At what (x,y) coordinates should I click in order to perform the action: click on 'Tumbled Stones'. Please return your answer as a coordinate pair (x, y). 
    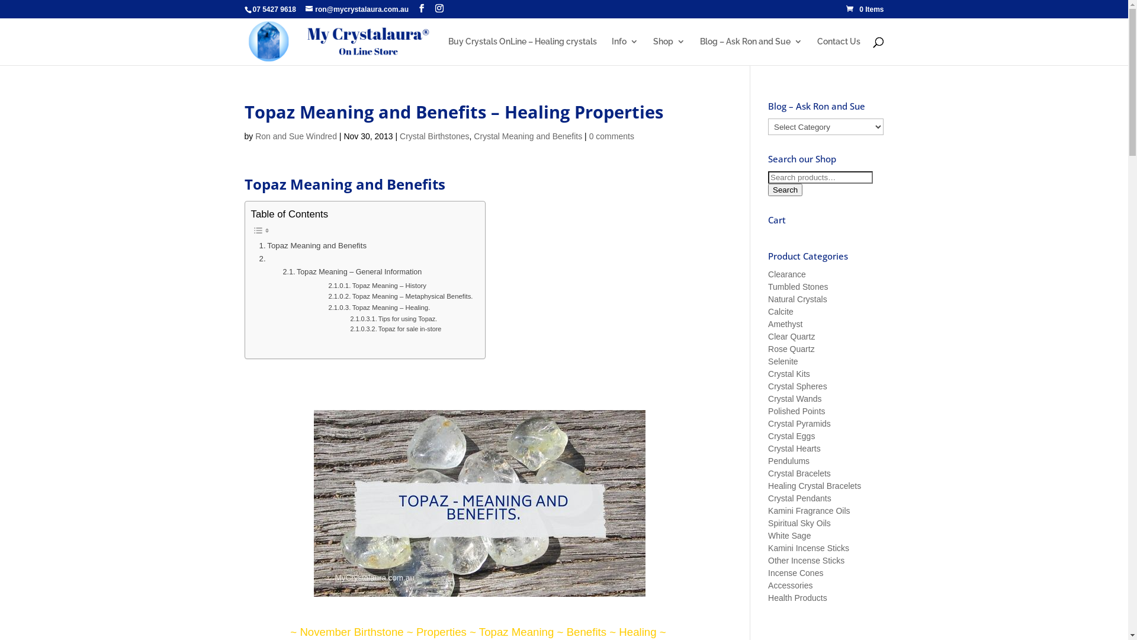
    Looking at the image, I should click on (798, 286).